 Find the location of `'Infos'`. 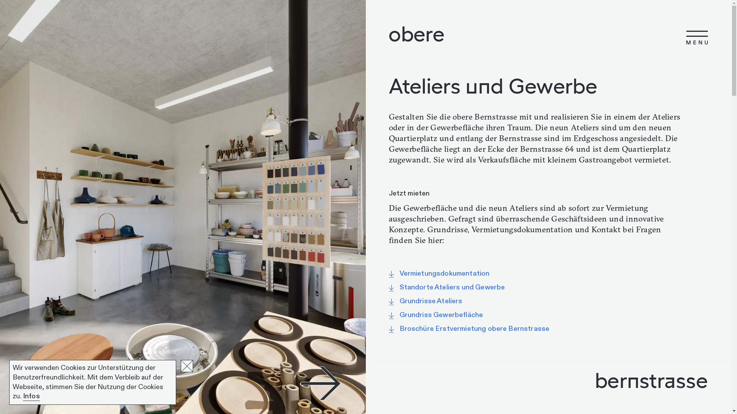

'Infos' is located at coordinates (31, 396).